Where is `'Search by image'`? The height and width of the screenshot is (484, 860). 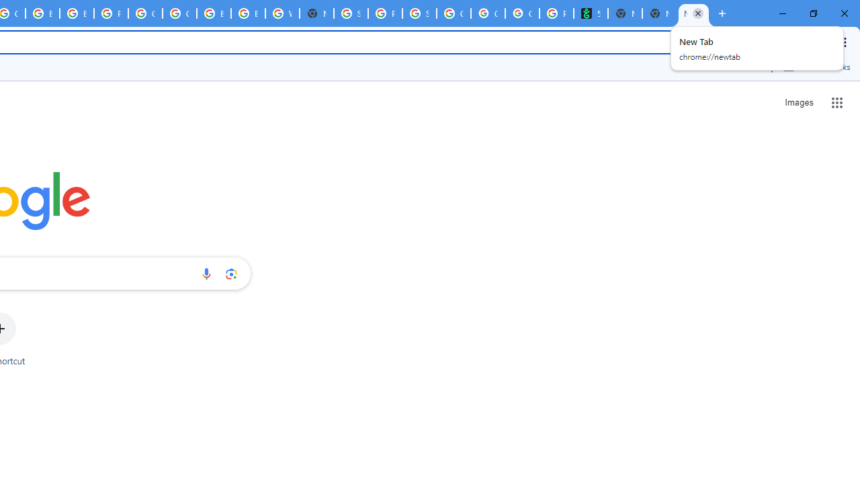
'Search by image' is located at coordinates (231, 273).